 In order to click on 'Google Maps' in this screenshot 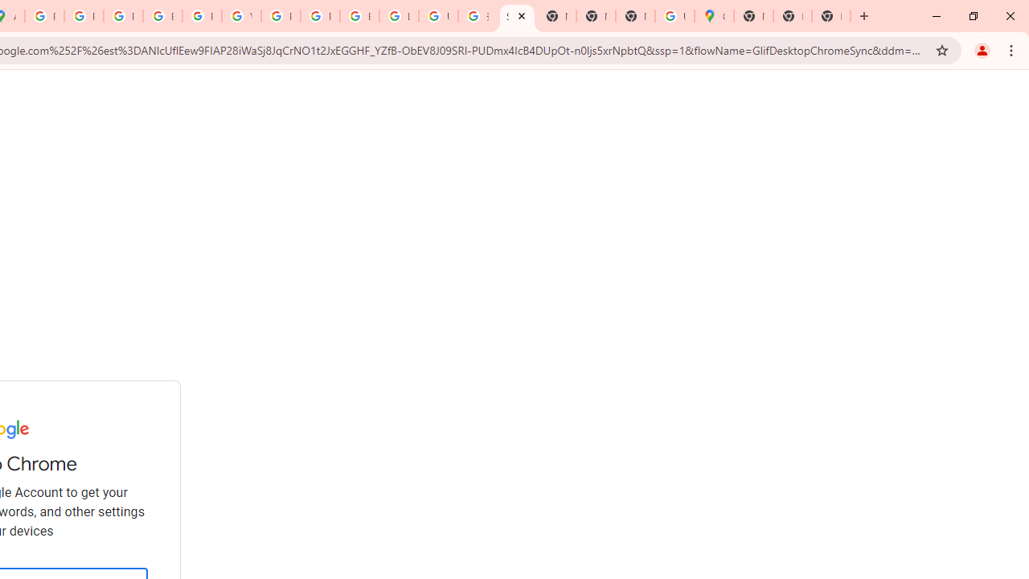, I will do `click(713, 16)`.